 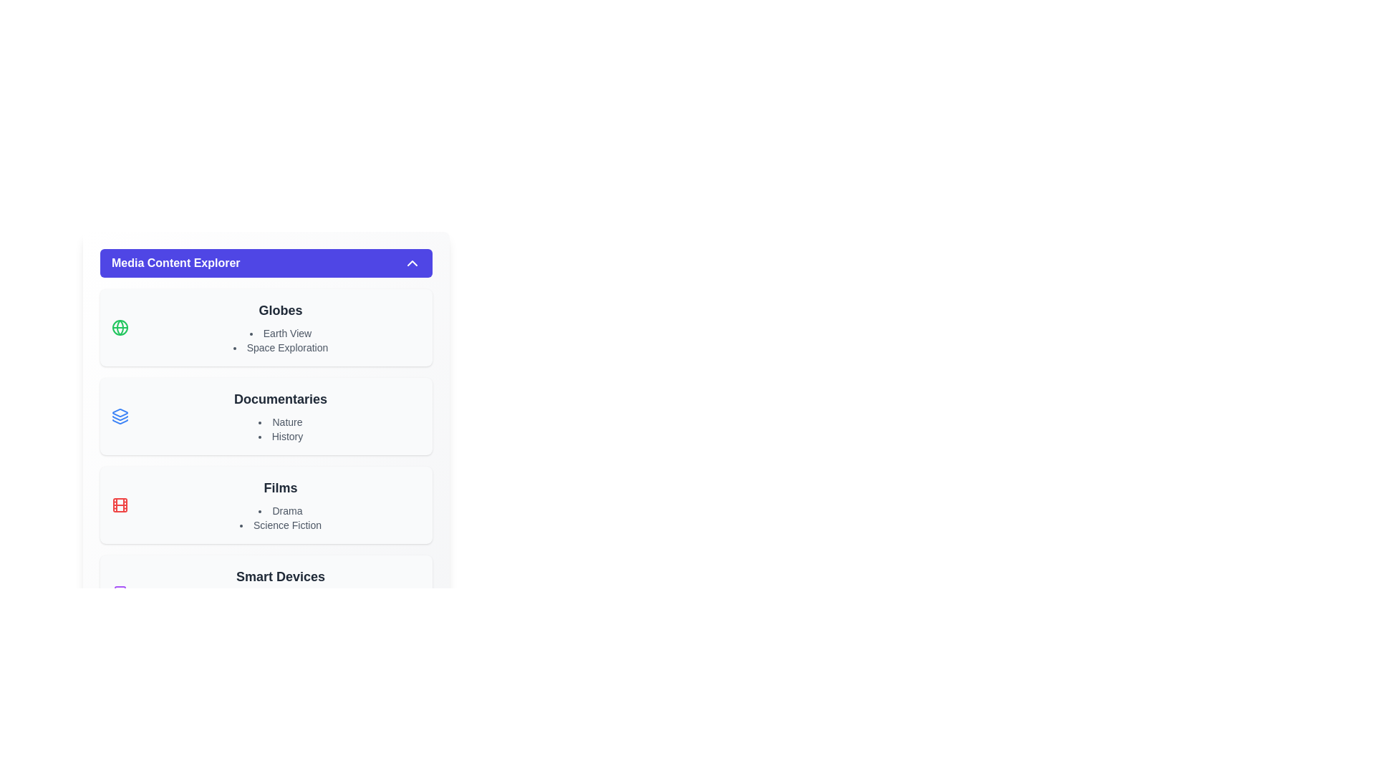 What do you see at coordinates (266, 328) in the screenshot?
I see `the first selectable category section related to 'Globes' located below the 'Media Content Explorer' heading` at bounding box center [266, 328].